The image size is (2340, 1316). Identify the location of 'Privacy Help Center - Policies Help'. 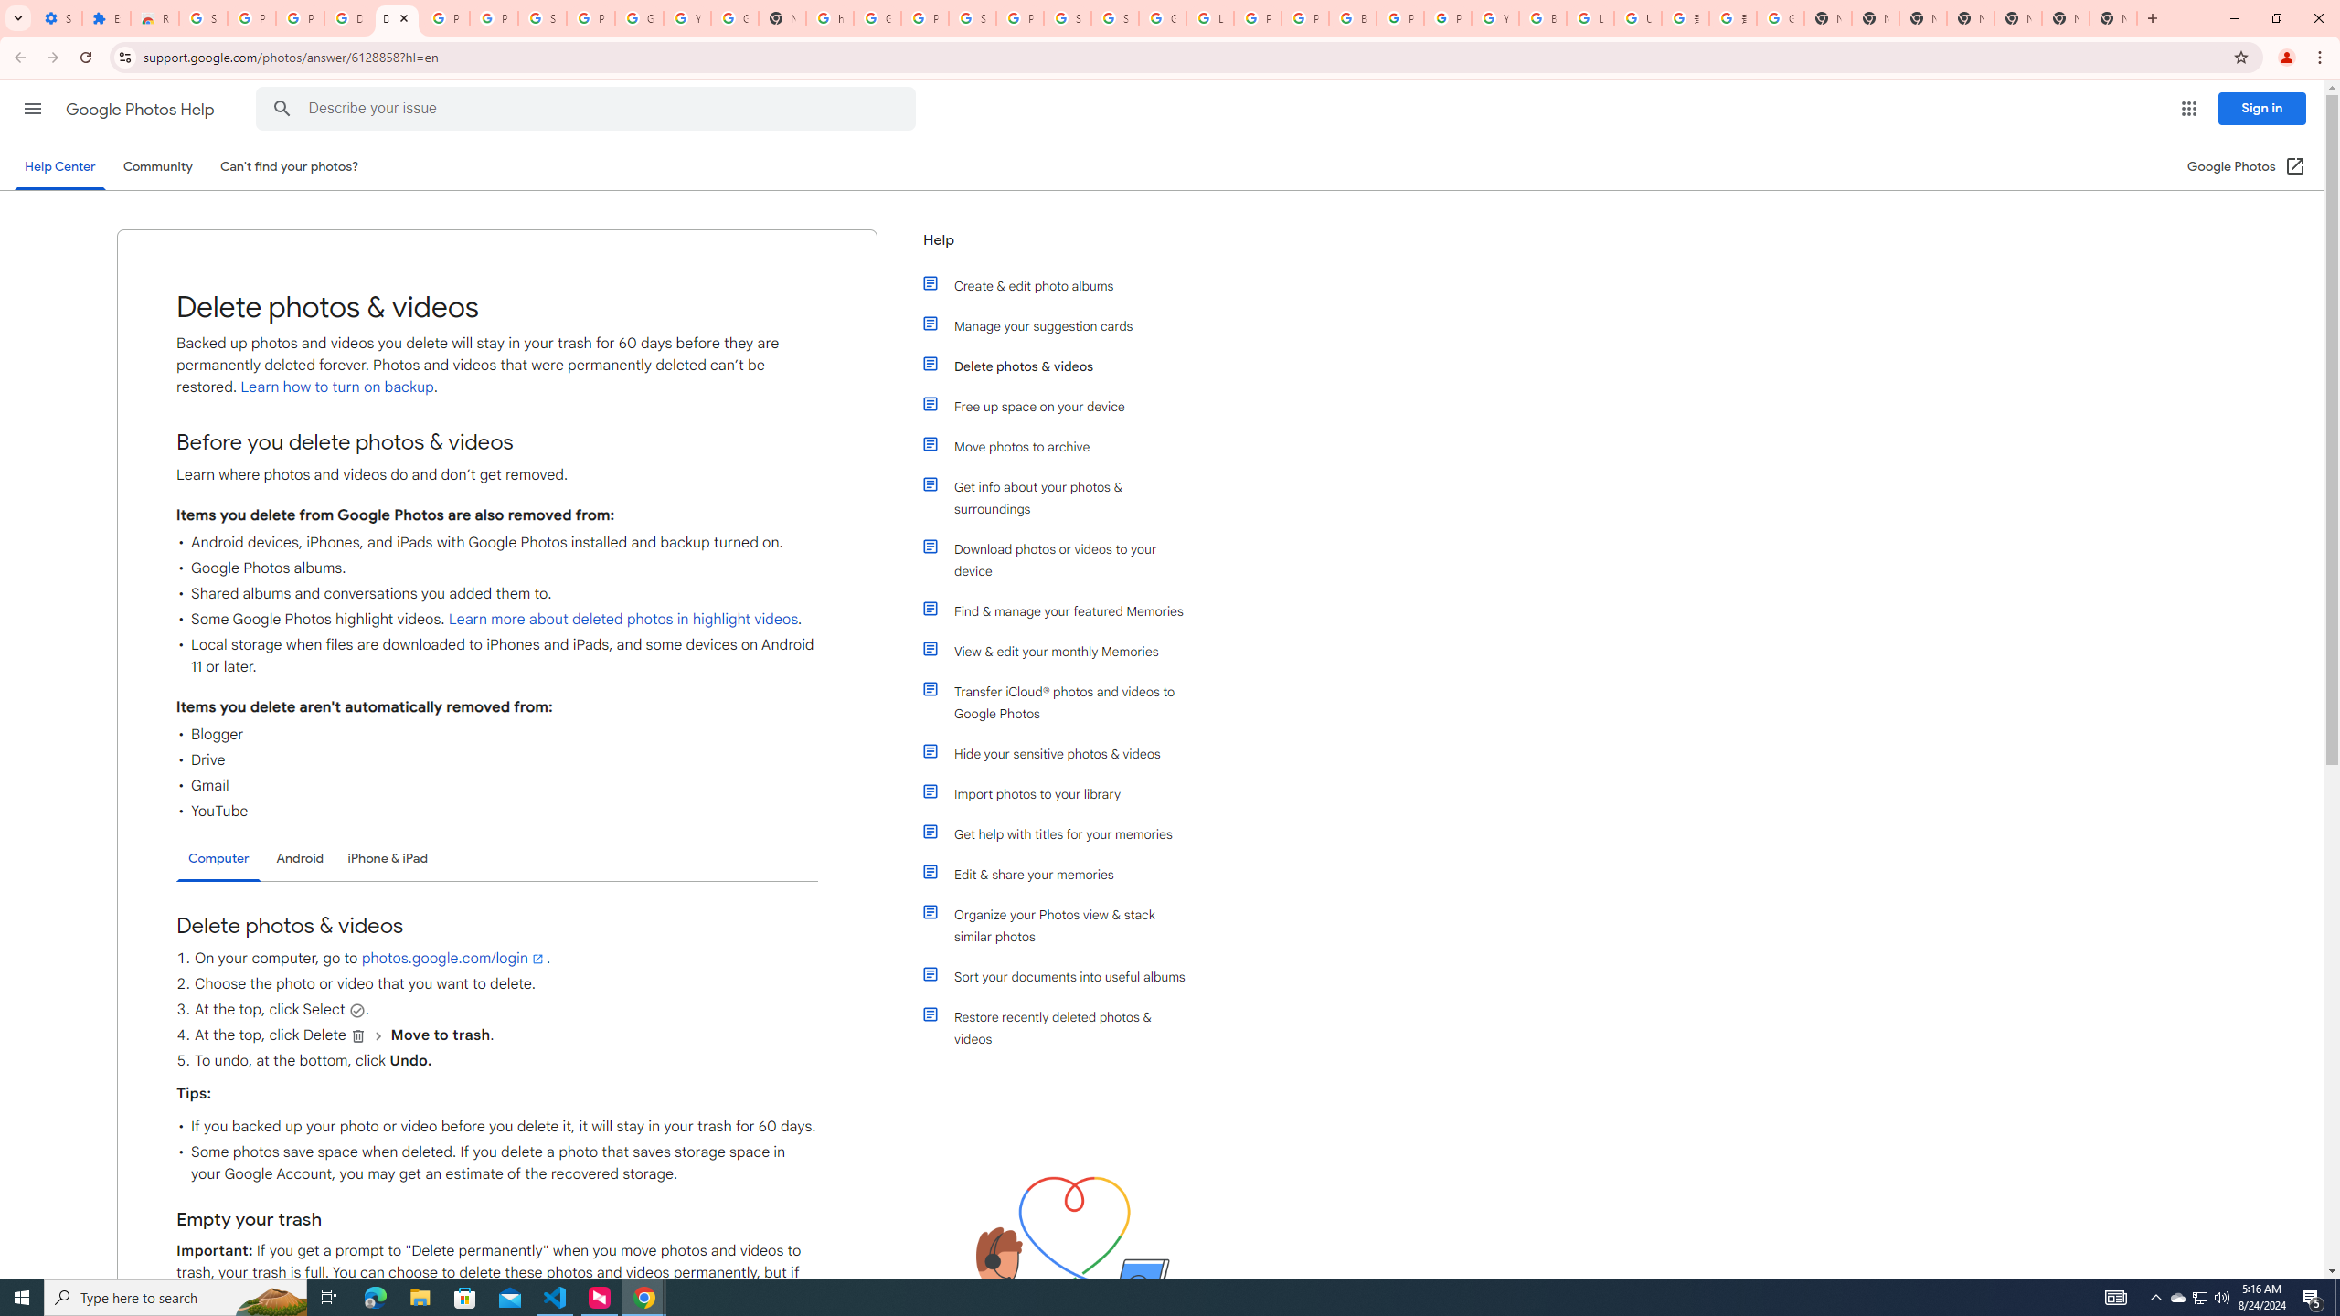
(1257, 17).